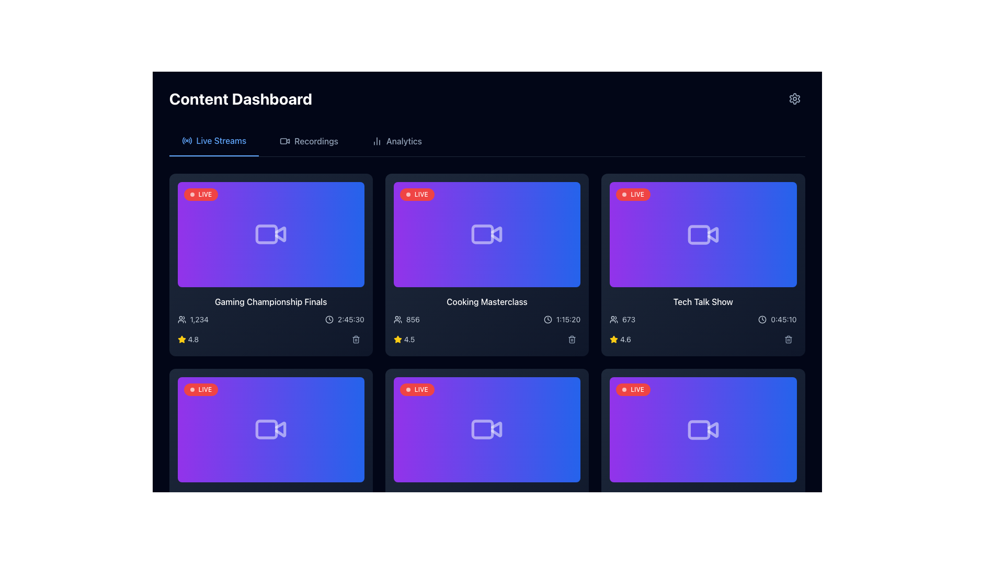 This screenshot has height=565, width=1004. What do you see at coordinates (346, 464) in the screenshot?
I see `the play button located in the bottom-right corner of the video thumbnail in the 'Live Streams' section` at bounding box center [346, 464].